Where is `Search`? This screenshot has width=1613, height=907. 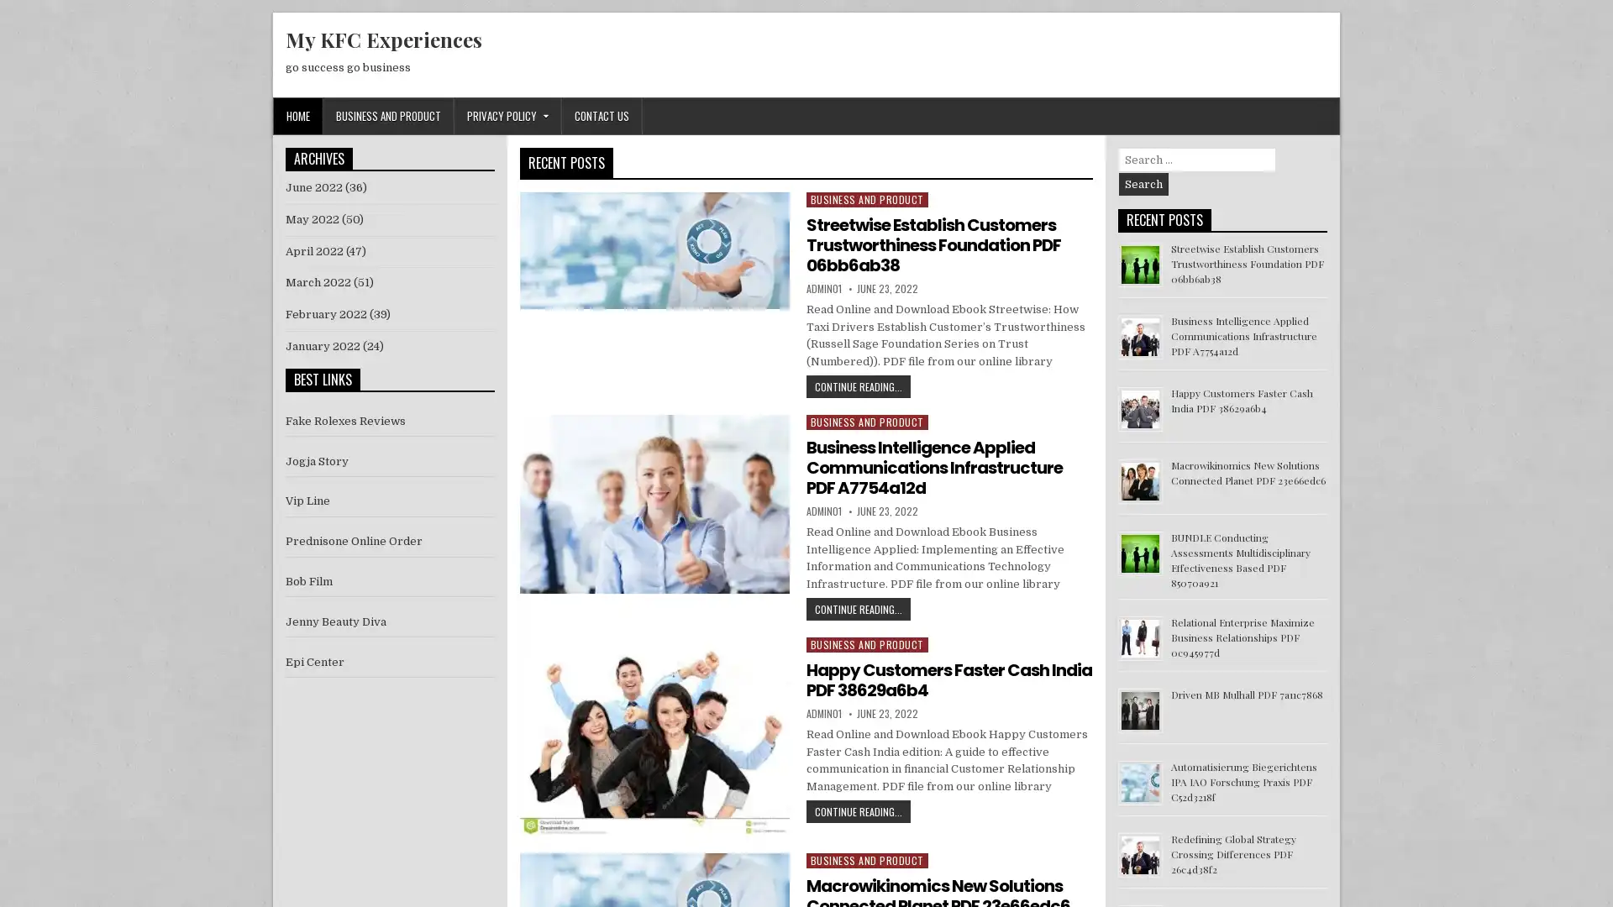 Search is located at coordinates (1143, 184).